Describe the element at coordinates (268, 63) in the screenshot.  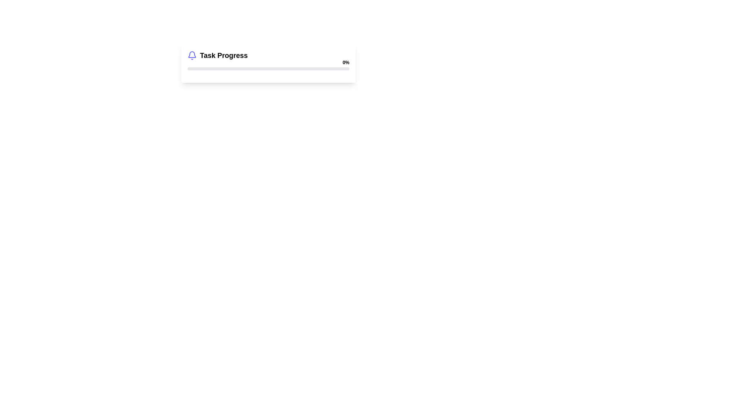
I see `the Progress indicator card` at that location.